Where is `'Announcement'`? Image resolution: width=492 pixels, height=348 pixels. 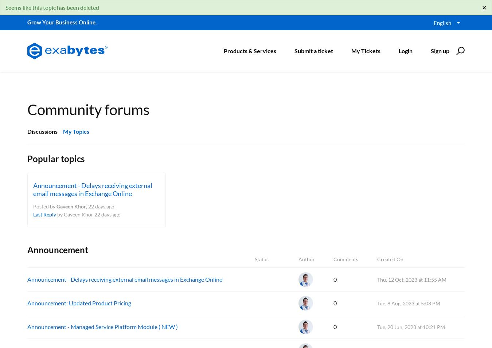 'Announcement' is located at coordinates (58, 249).